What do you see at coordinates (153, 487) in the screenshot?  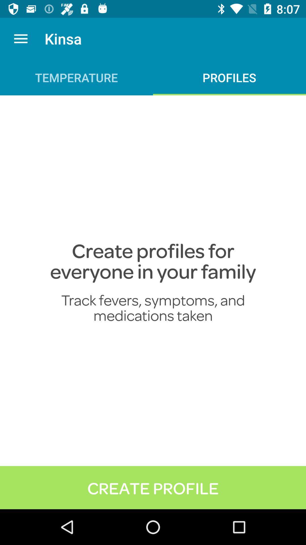 I see `the item below track fevers symptoms icon` at bounding box center [153, 487].